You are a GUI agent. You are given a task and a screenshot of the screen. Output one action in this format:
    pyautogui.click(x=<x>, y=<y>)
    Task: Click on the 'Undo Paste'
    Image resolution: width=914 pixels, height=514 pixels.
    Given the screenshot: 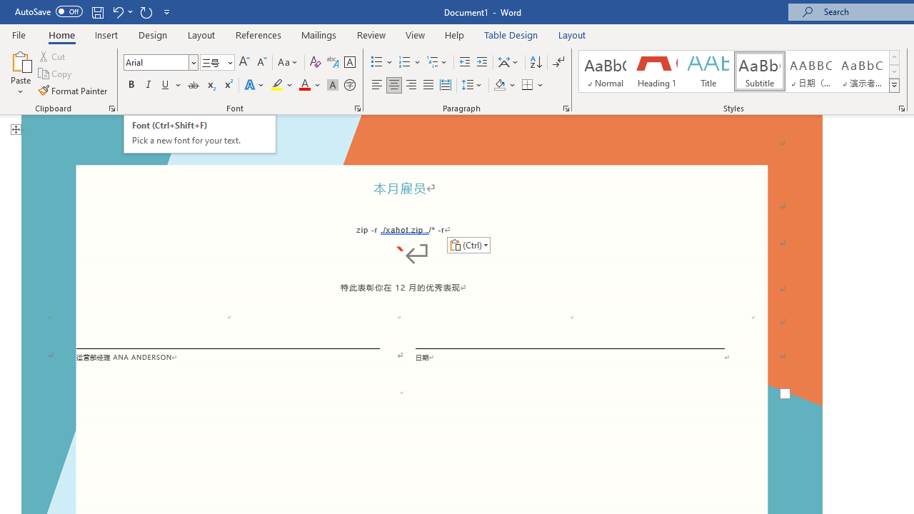 What is the action you would take?
    pyautogui.click(x=117, y=11)
    